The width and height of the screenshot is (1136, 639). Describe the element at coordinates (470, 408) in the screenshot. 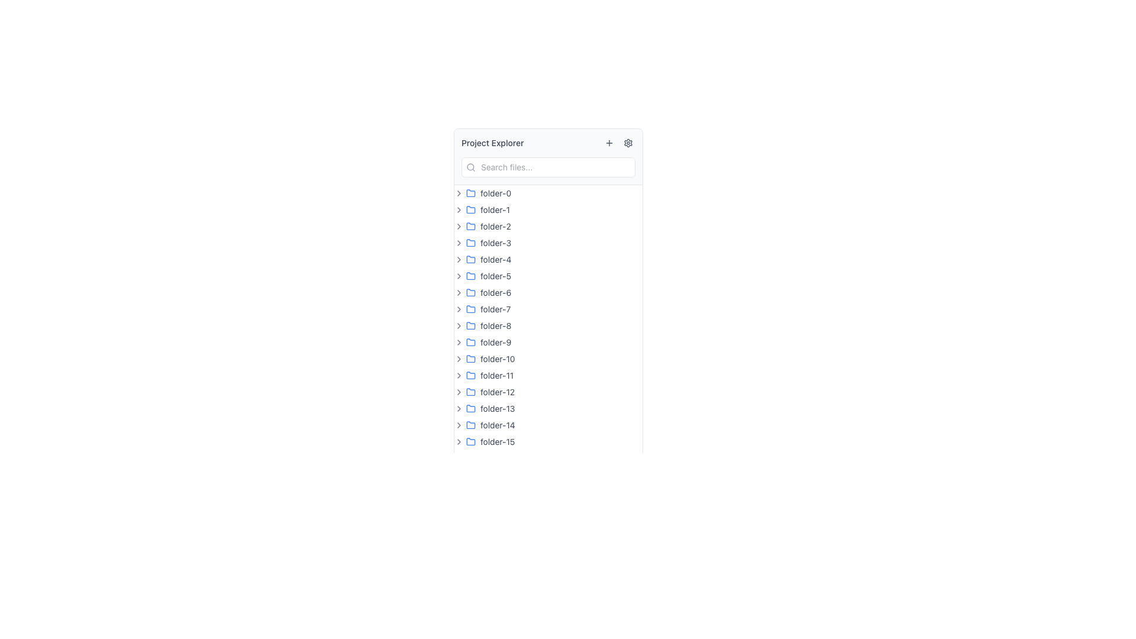

I see `the blue folder icon with a small red marker located to the left of 'folder-13'` at that location.